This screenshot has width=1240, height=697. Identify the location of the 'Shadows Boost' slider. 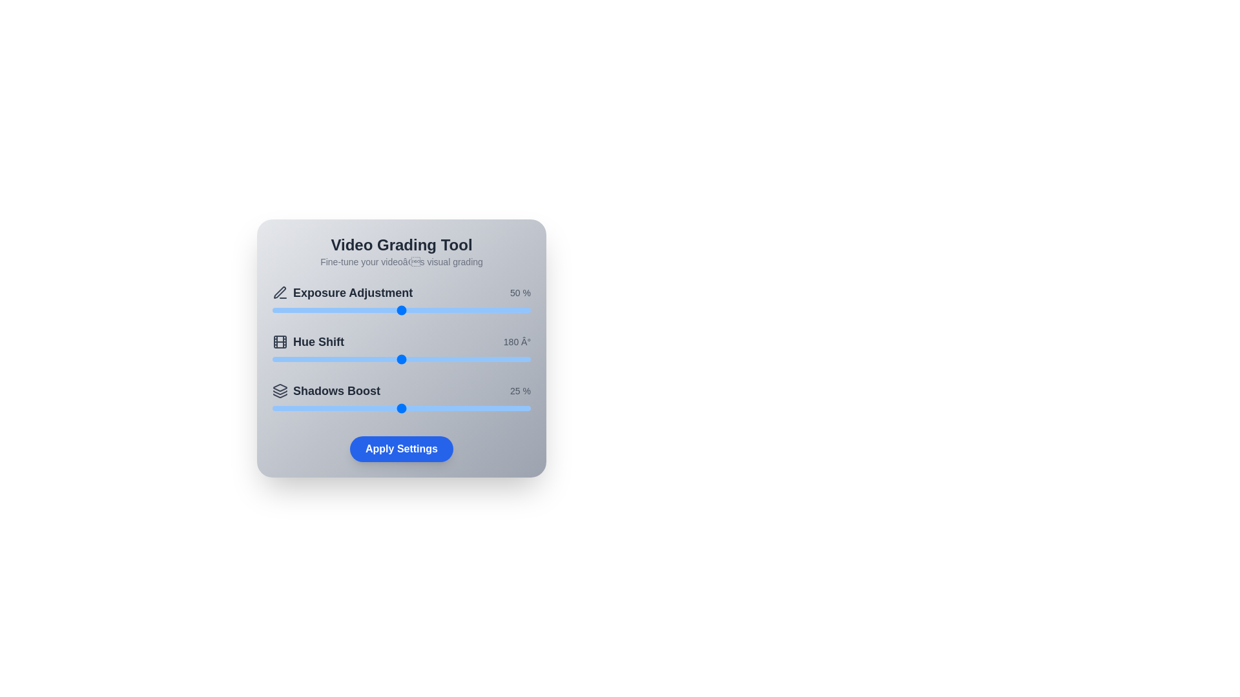
(313, 408).